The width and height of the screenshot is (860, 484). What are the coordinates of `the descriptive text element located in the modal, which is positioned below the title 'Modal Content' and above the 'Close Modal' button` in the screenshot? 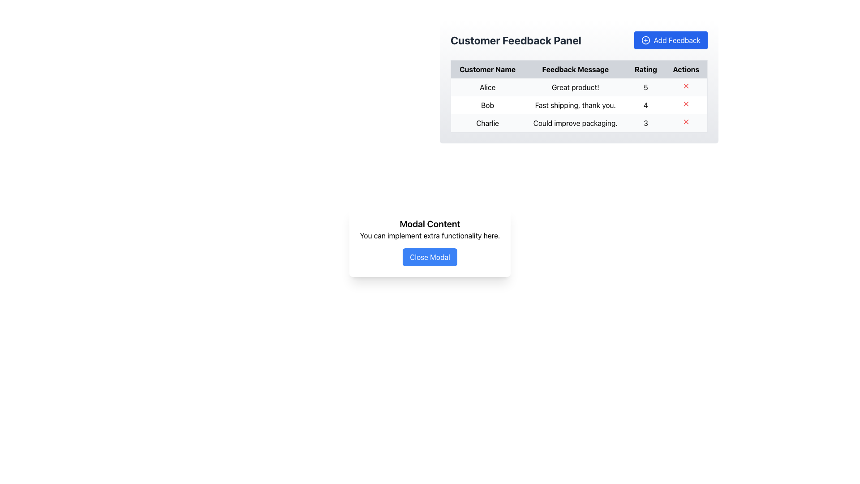 It's located at (430, 235).